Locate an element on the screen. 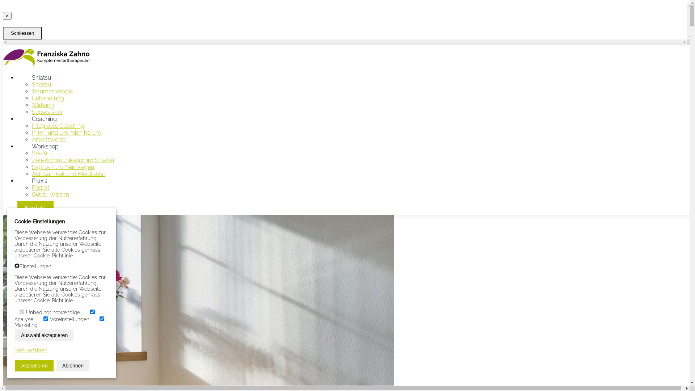 The width and height of the screenshot is (695, 391). 'Shiatsu' is located at coordinates (41, 84).